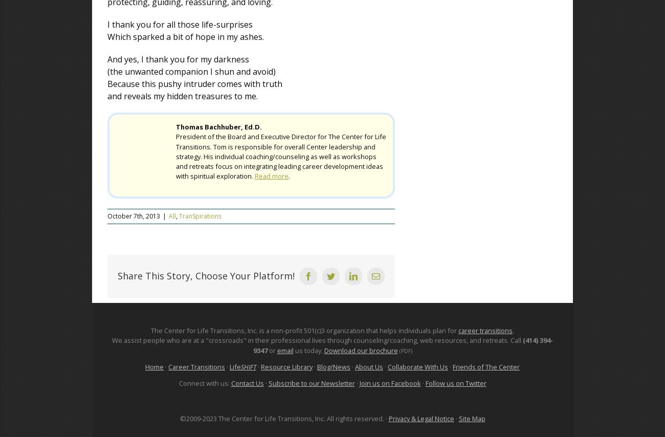 The width and height of the screenshot is (665, 437). What do you see at coordinates (389, 382) in the screenshot?
I see `'Join us on Facebook'` at bounding box center [389, 382].